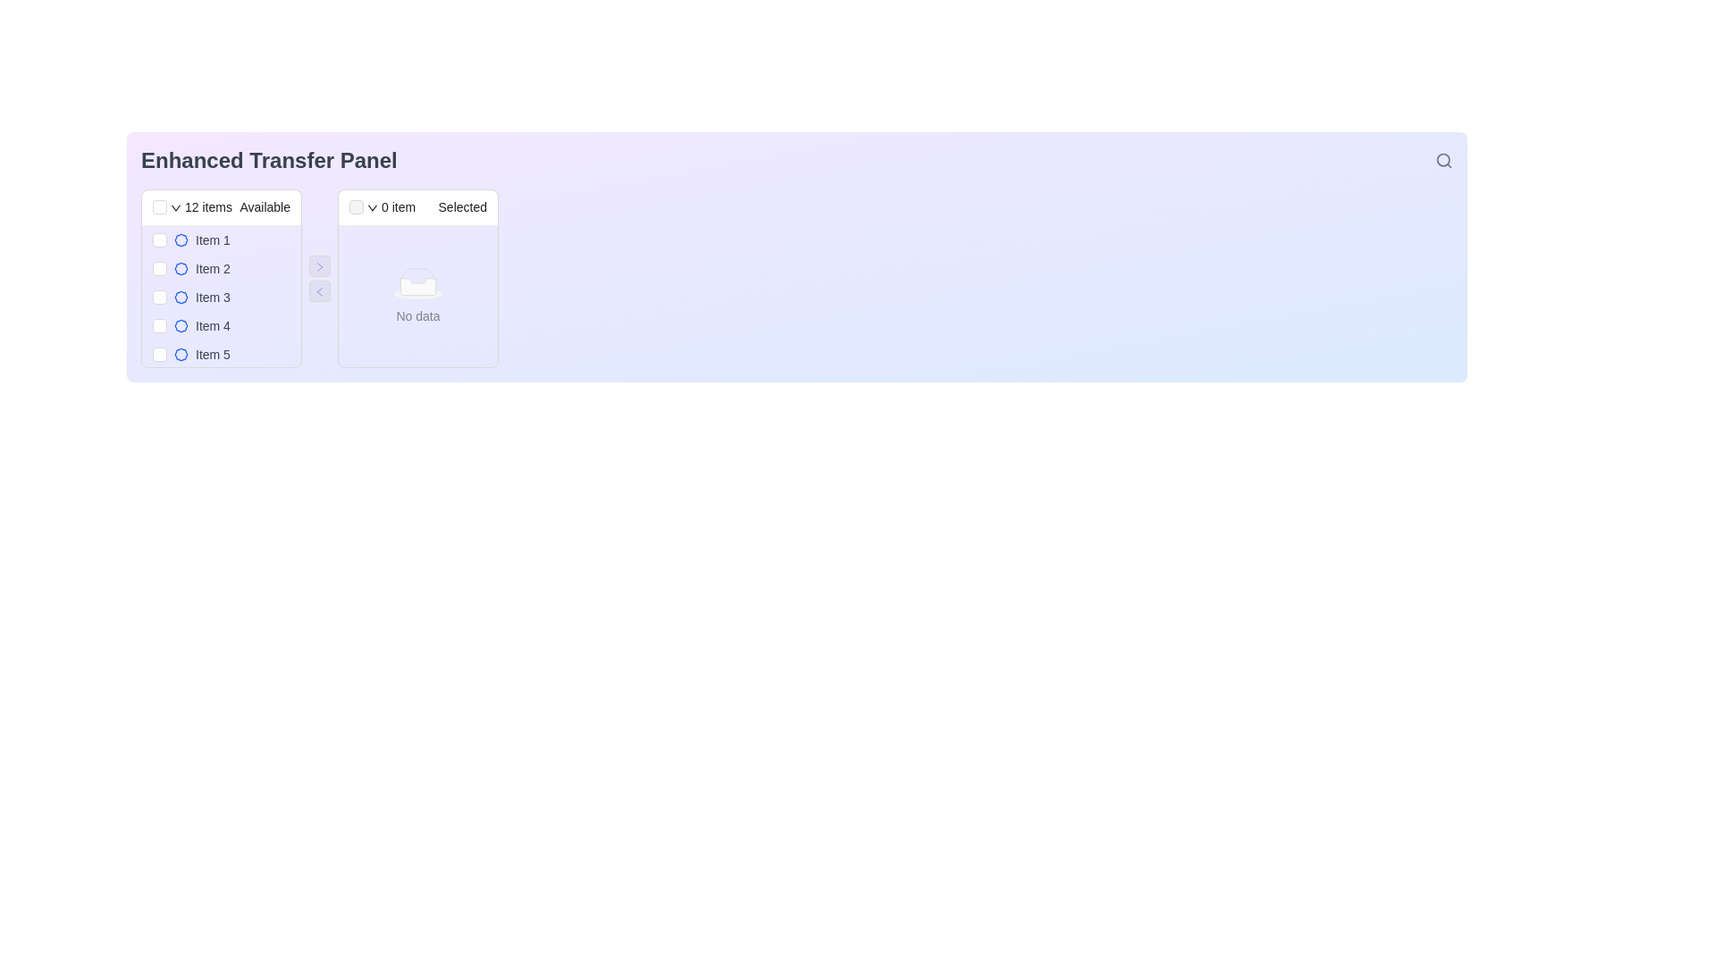 The image size is (1716, 965). I want to click on the informational message placeholder indicating 'No data' within the 'Selected' section of the enhanced transfer panel, so click(416, 295).